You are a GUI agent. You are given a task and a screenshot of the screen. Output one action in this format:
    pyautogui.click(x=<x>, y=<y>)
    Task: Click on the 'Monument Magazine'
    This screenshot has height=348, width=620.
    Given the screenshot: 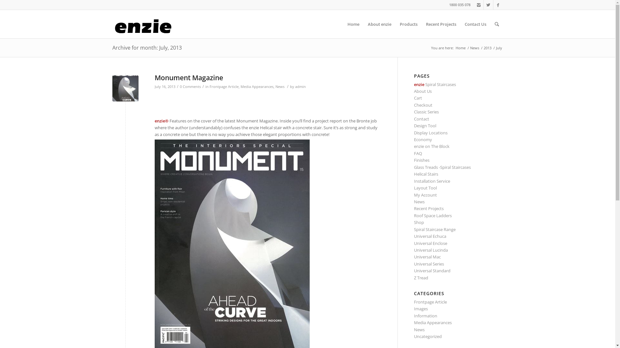 What is the action you would take?
    pyautogui.click(x=125, y=88)
    